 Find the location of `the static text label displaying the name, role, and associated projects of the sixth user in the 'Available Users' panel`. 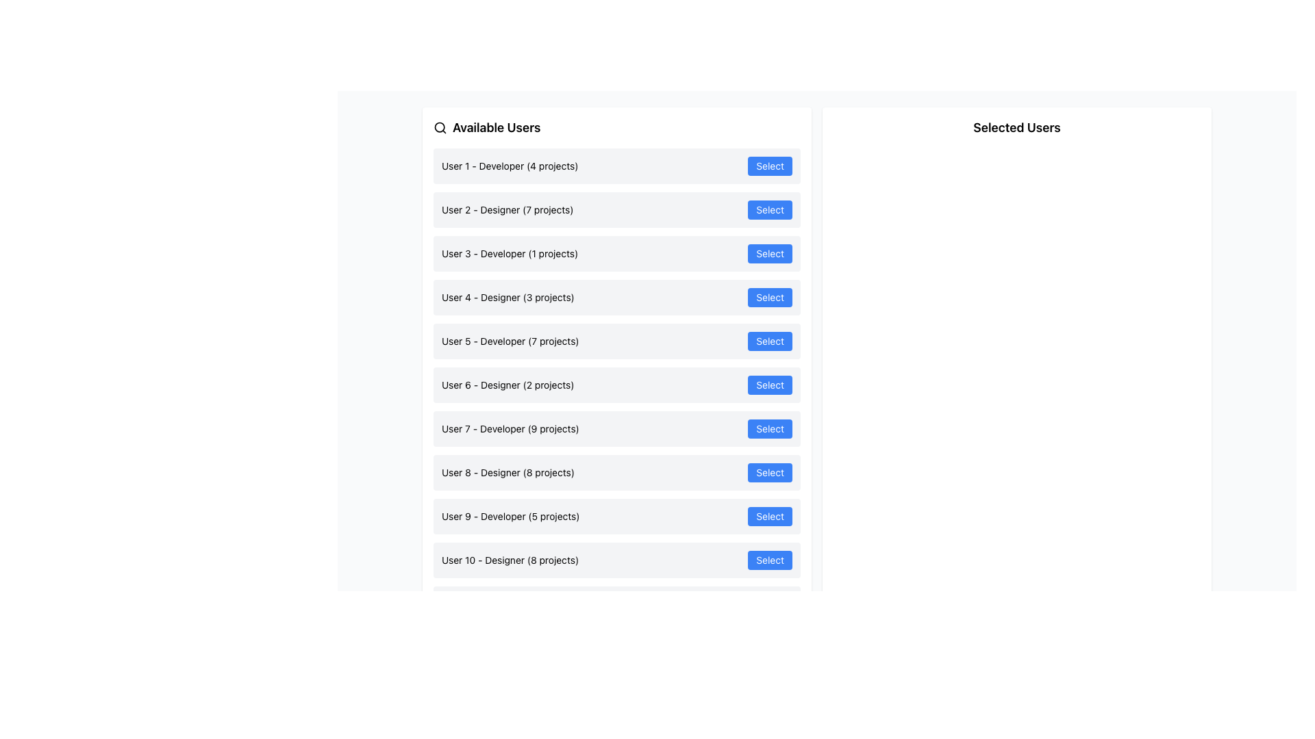

the static text label displaying the name, role, and associated projects of the sixth user in the 'Available Users' panel is located at coordinates (507, 385).